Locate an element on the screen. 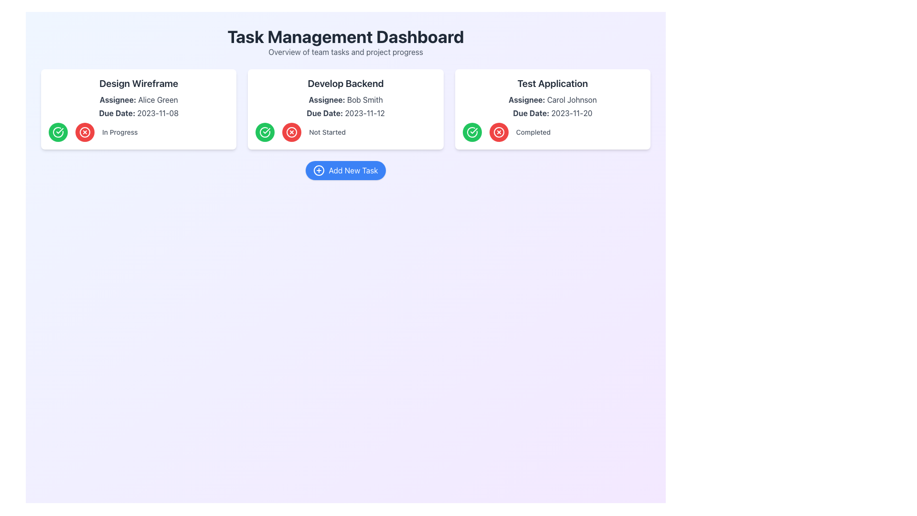 The image size is (917, 516). the Text Label indicating the assignee of the task under the heading 'Develop Backend', which is positioned to the left of the name 'Bob Smith' is located at coordinates (327, 99).